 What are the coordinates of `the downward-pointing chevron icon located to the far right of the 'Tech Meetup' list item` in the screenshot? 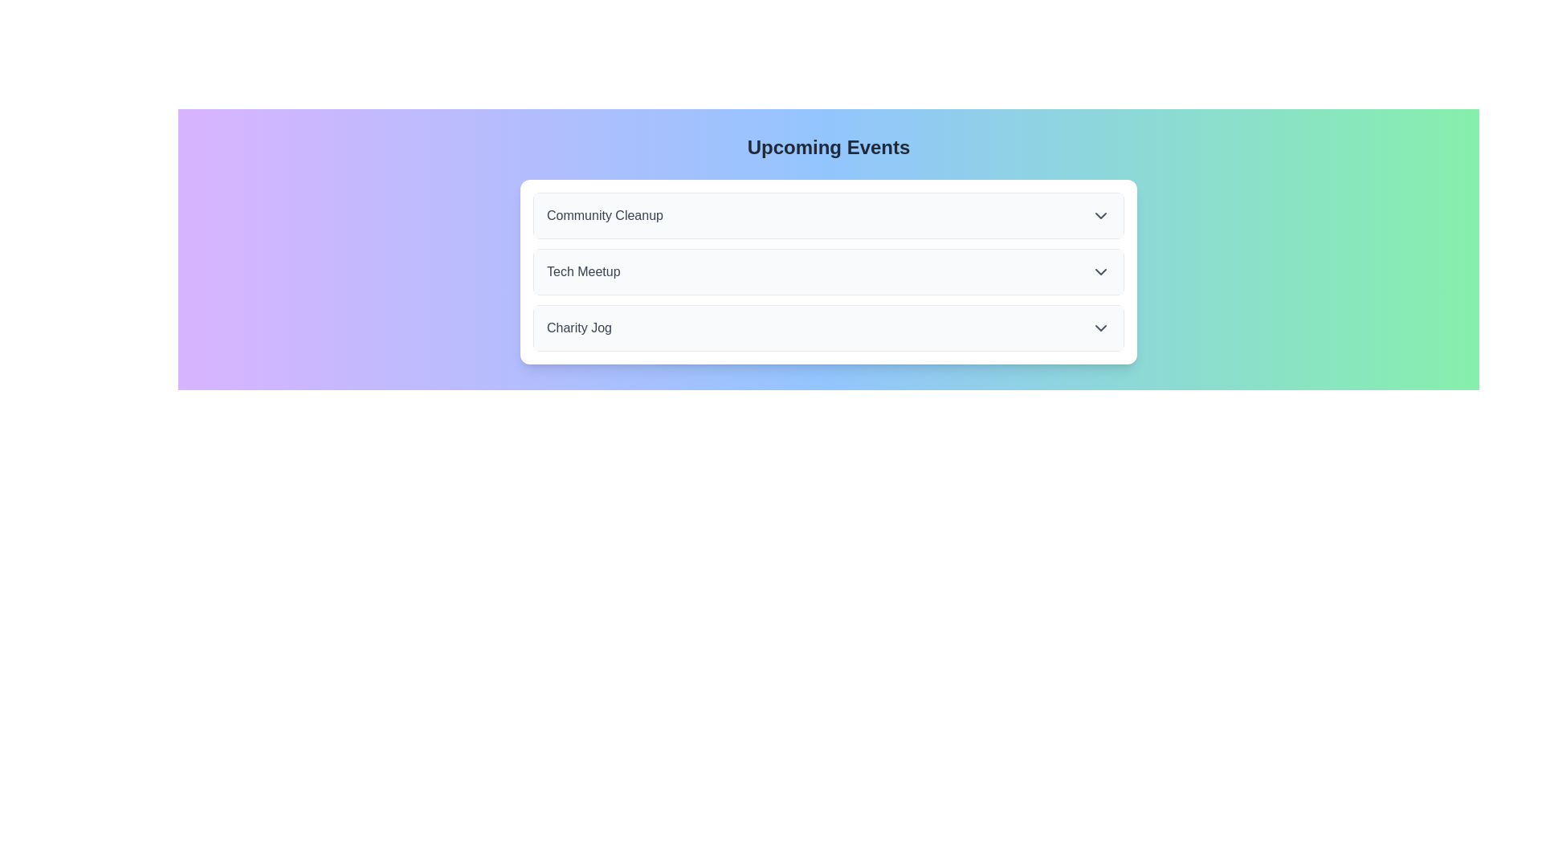 It's located at (1100, 271).